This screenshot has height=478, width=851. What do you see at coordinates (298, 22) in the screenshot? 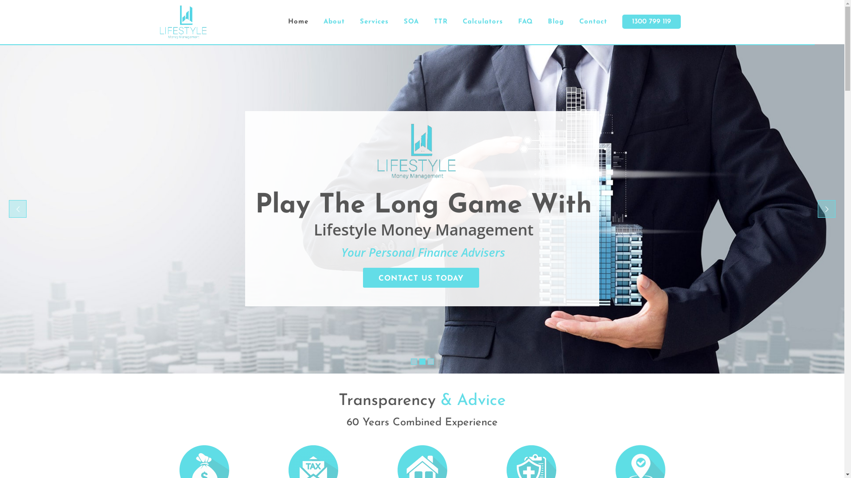
I see `'Home'` at bounding box center [298, 22].